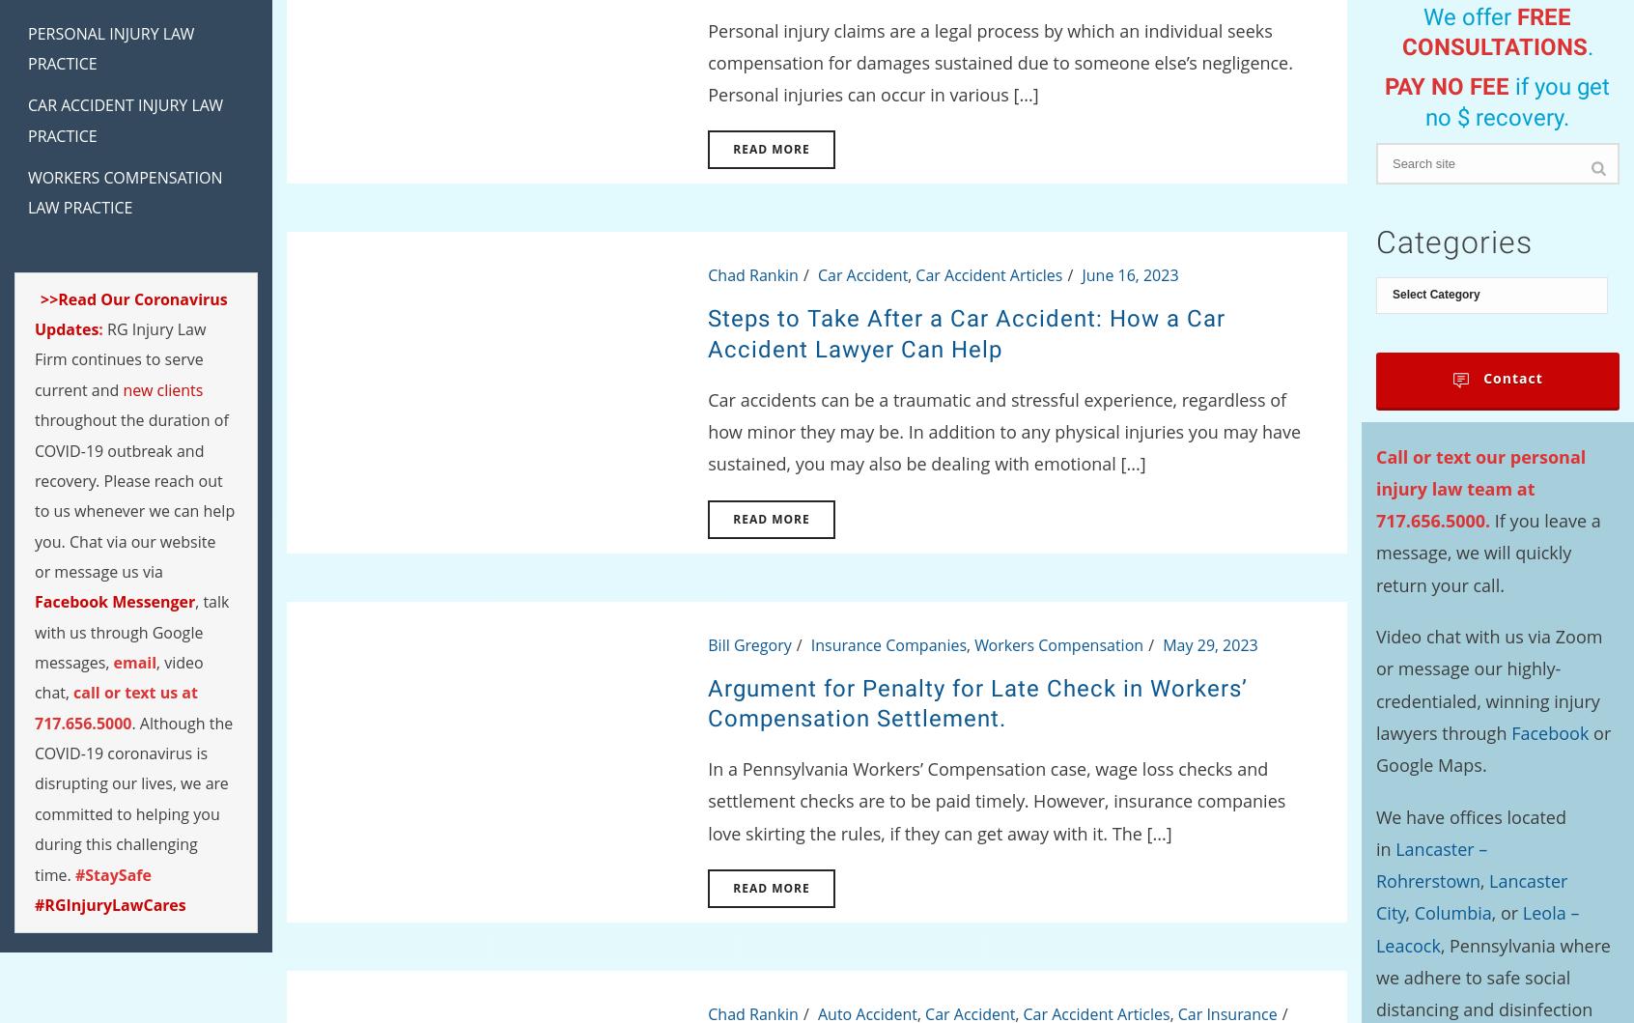 Image resolution: width=1634 pixels, height=1023 pixels. I want to click on 'Personal Injury Law Practice', so click(26, 47).